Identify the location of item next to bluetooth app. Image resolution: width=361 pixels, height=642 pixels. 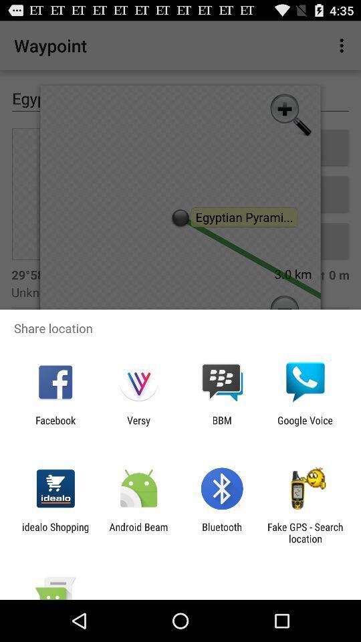
(138, 532).